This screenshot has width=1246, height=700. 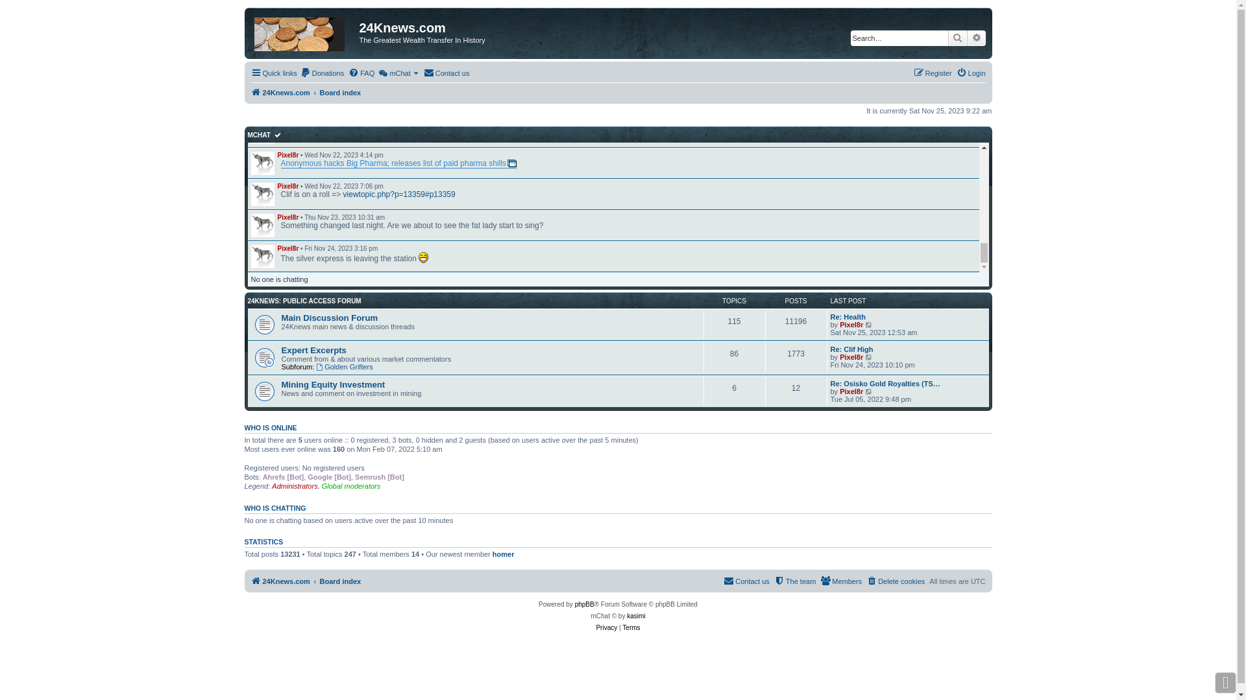 What do you see at coordinates (250, 73) in the screenshot?
I see `'Quick links'` at bounding box center [250, 73].